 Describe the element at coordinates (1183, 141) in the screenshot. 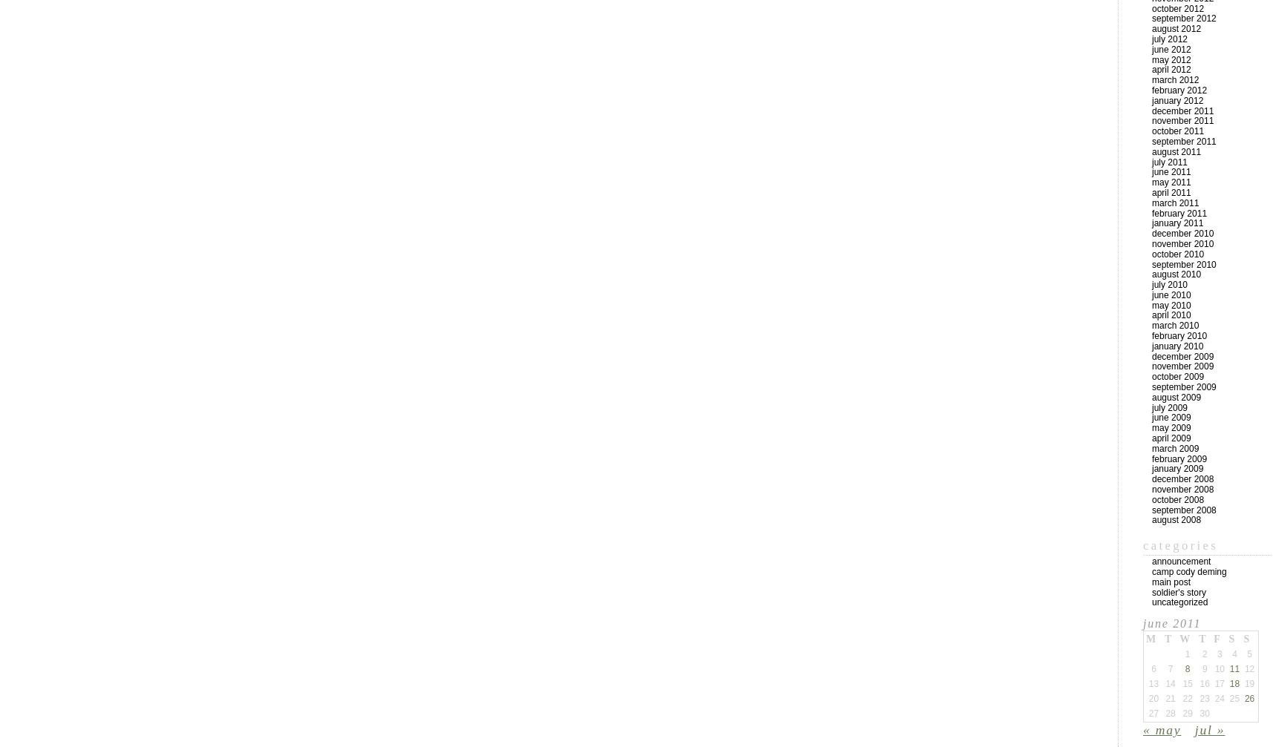

I see `'September 2011'` at that location.